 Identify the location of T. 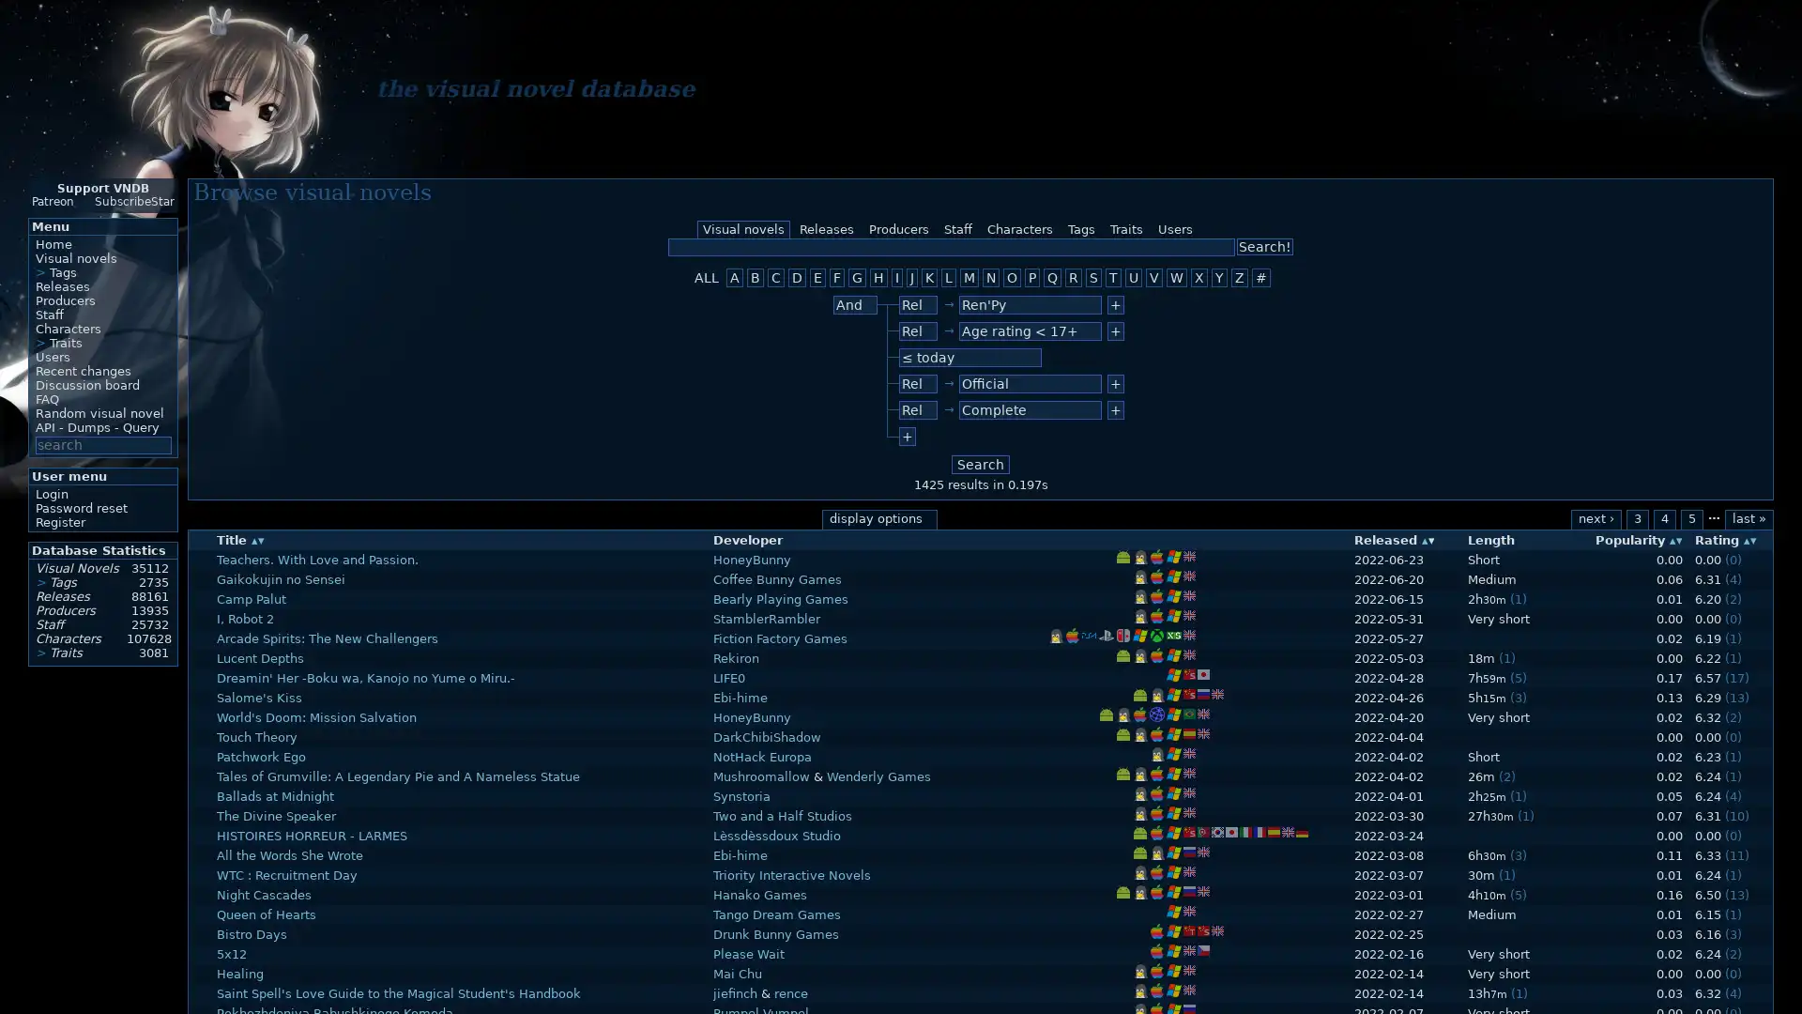
(1113, 278).